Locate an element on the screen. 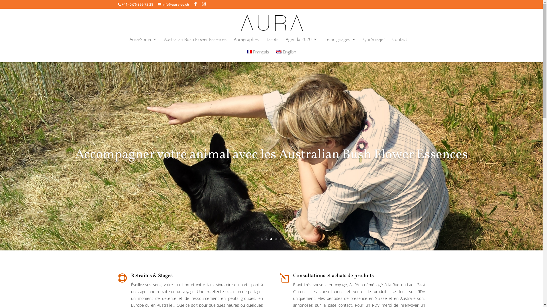 The image size is (547, 307). 'Tarots' is located at coordinates (272, 43).